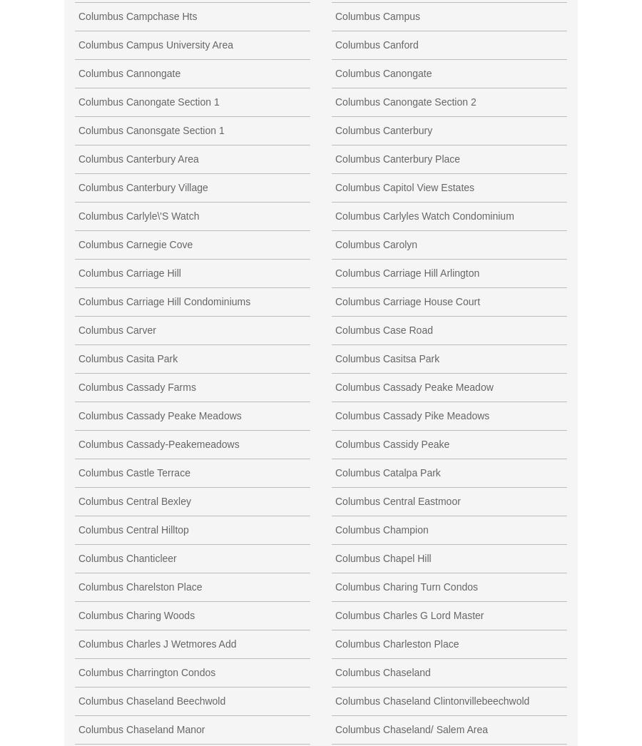 This screenshot has width=642, height=746. What do you see at coordinates (382, 556) in the screenshot?
I see `'Columbus Chapel Hill'` at bounding box center [382, 556].